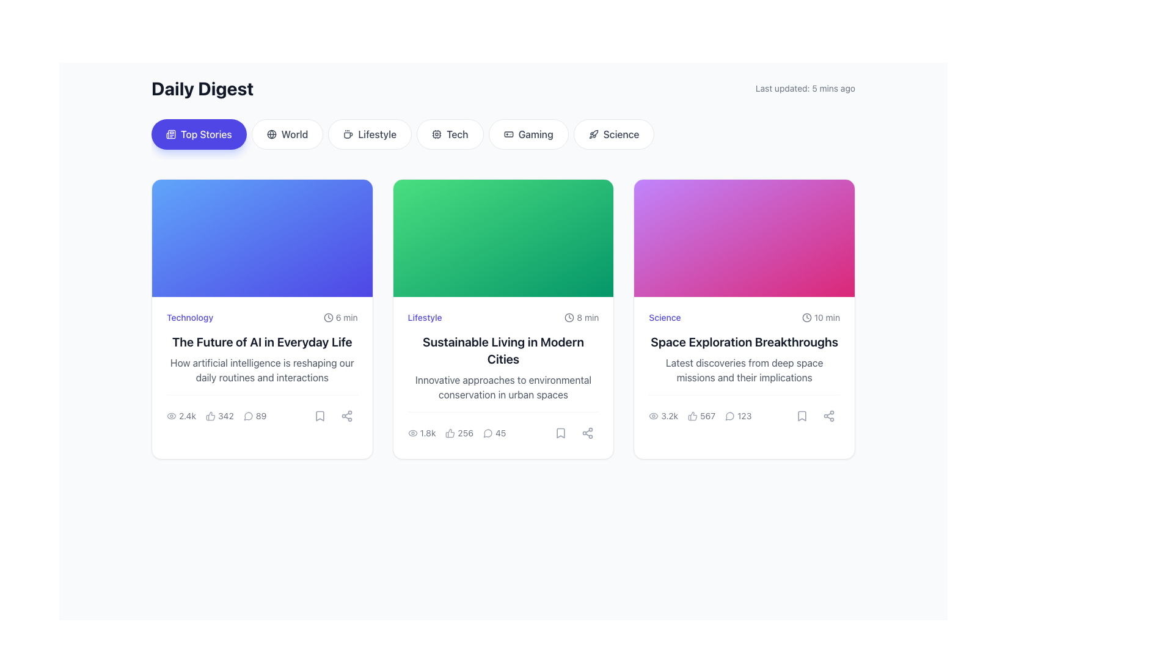 This screenshot has width=1173, height=660. I want to click on the 'World' text label within the second button of the category selection bar beneath the 'Daily Digest' heading, so click(294, 134).